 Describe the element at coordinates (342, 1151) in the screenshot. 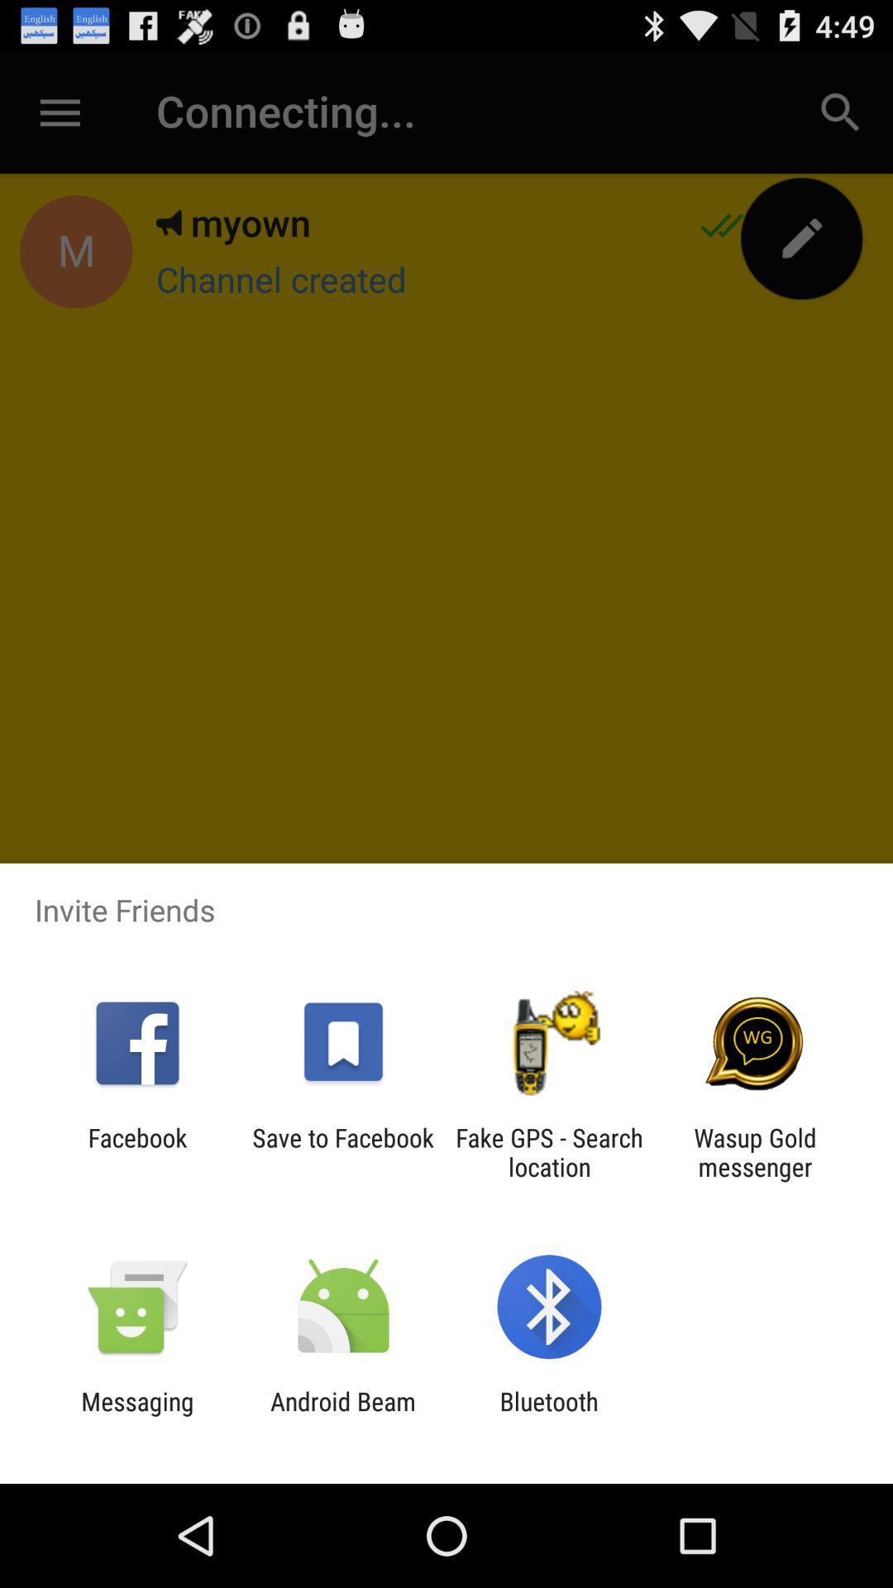

I see `the save to facebook app` at that location.